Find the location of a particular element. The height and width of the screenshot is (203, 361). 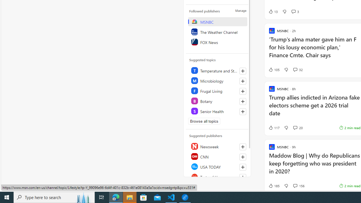

'Browse all topics' is located at coordinates (204, 121).